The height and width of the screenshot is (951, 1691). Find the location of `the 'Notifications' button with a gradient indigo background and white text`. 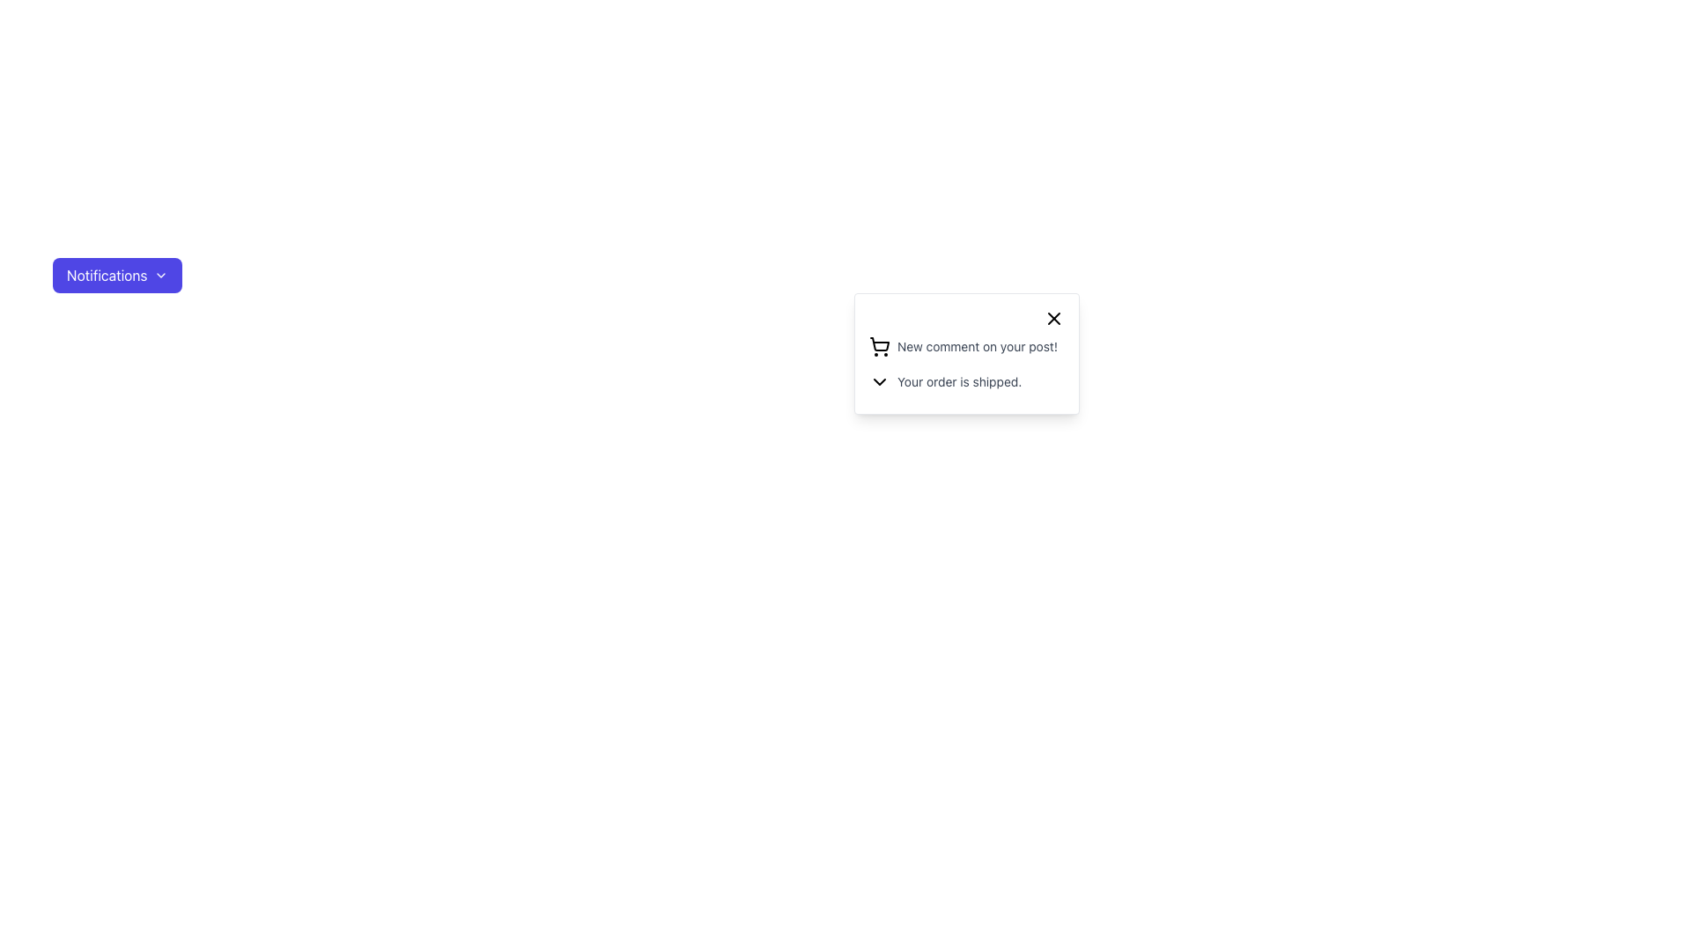

the 'Notifications' button with a gradient indigo background and white text is located at coordinates (116, 275).